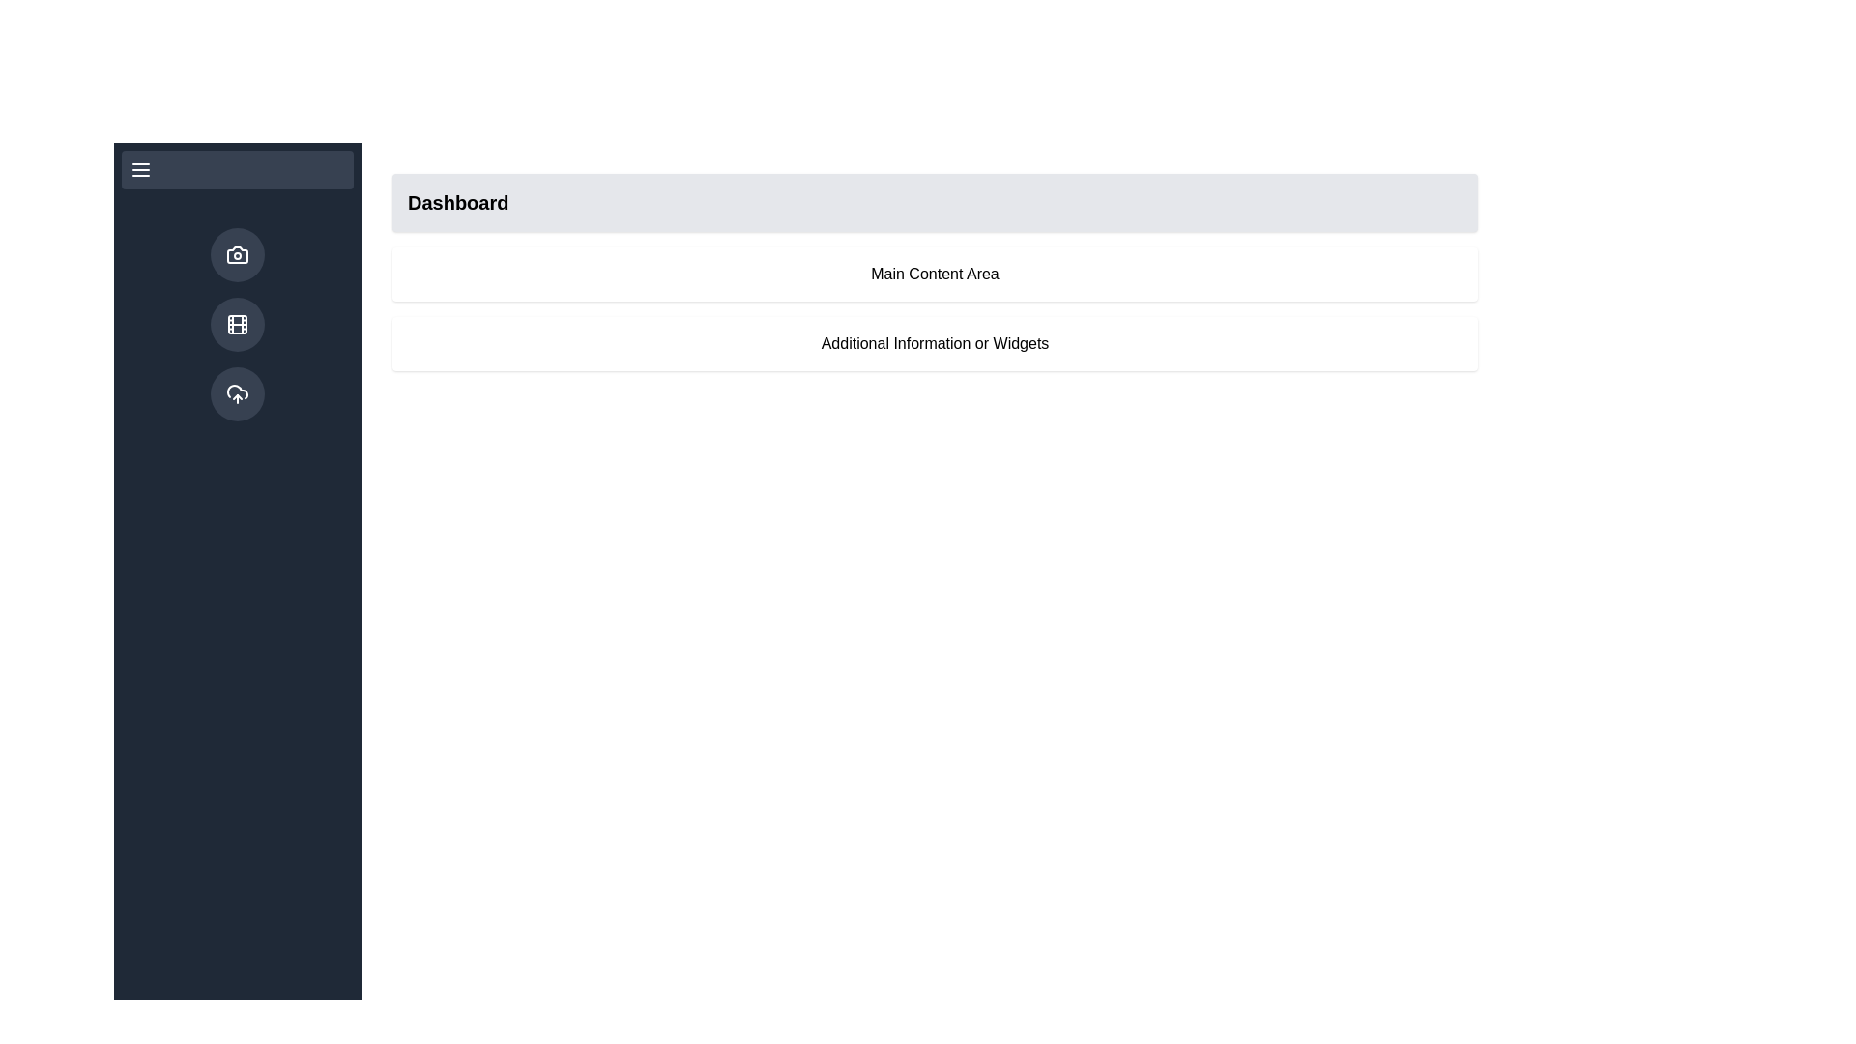 Image resolution: width=1856 pixels, height=1044 pixels. I want to click on the third dark gray circular icon featuring a cloud with an upward arrow in the vertical sidebar menu, so click(236, 393).